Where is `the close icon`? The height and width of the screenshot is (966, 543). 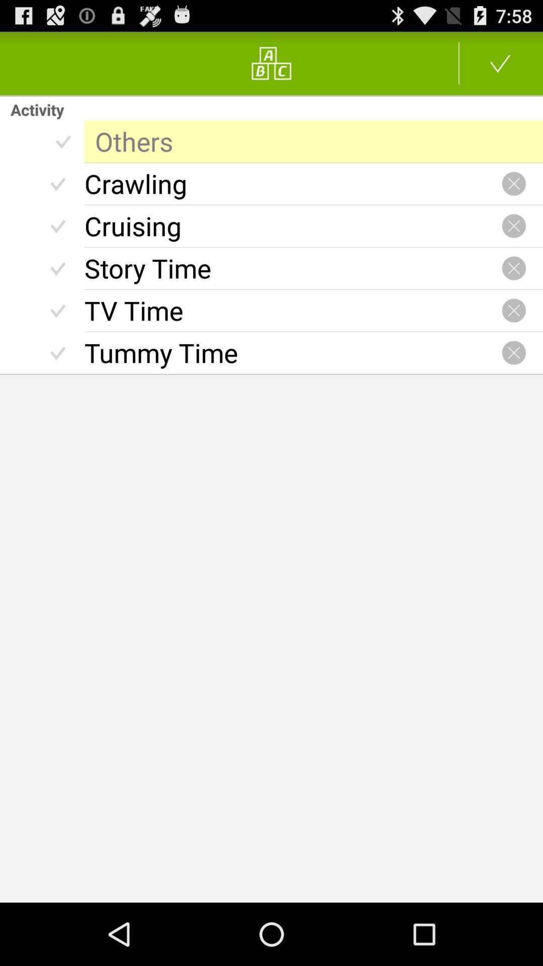
the close icon is located at coordinates (514, 332).